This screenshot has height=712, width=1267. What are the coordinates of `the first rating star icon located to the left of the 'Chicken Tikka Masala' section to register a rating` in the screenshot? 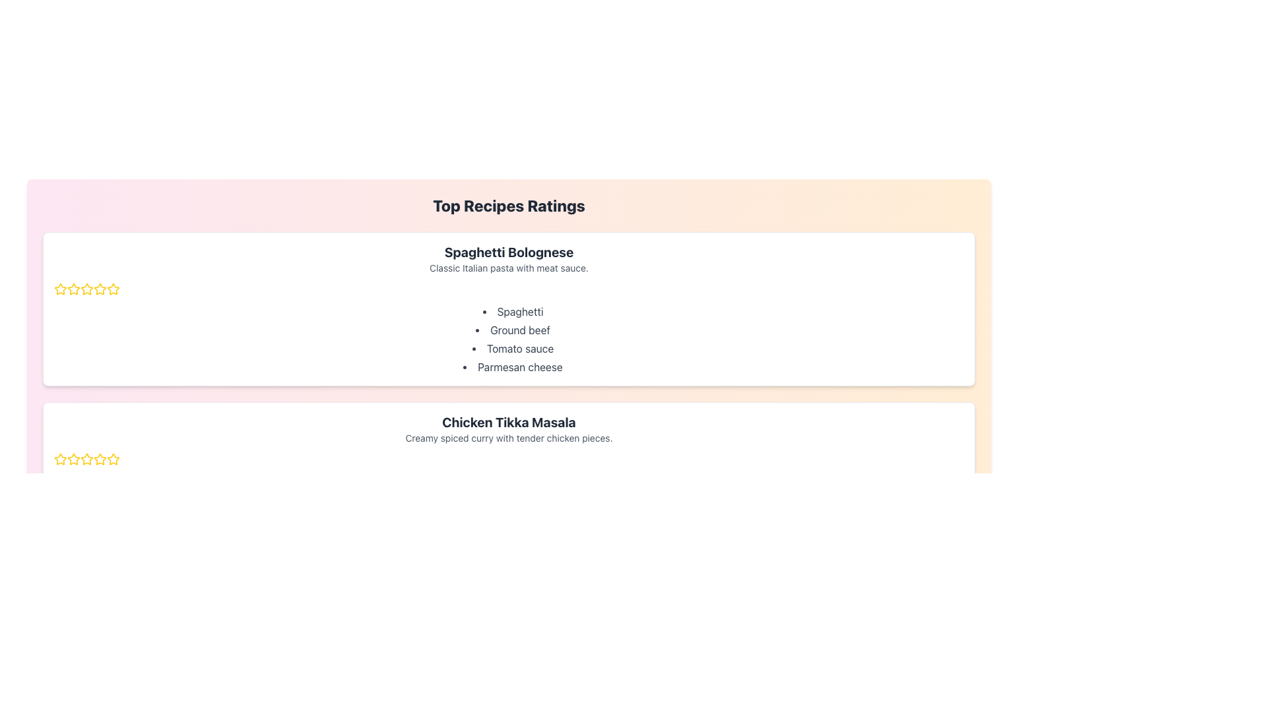 It's located at (59, 458).